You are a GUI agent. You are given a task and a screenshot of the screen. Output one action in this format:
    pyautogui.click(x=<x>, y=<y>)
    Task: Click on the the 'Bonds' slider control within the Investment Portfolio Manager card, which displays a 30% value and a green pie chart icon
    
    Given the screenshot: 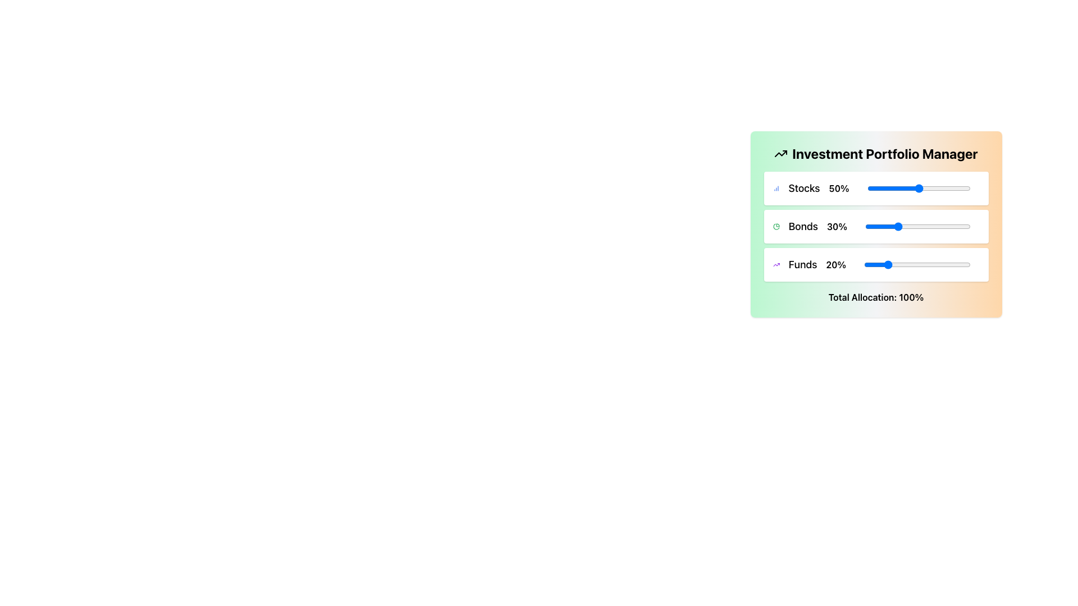 What is the action you would take?
    pyautogui.click(x=875, y=227)
    